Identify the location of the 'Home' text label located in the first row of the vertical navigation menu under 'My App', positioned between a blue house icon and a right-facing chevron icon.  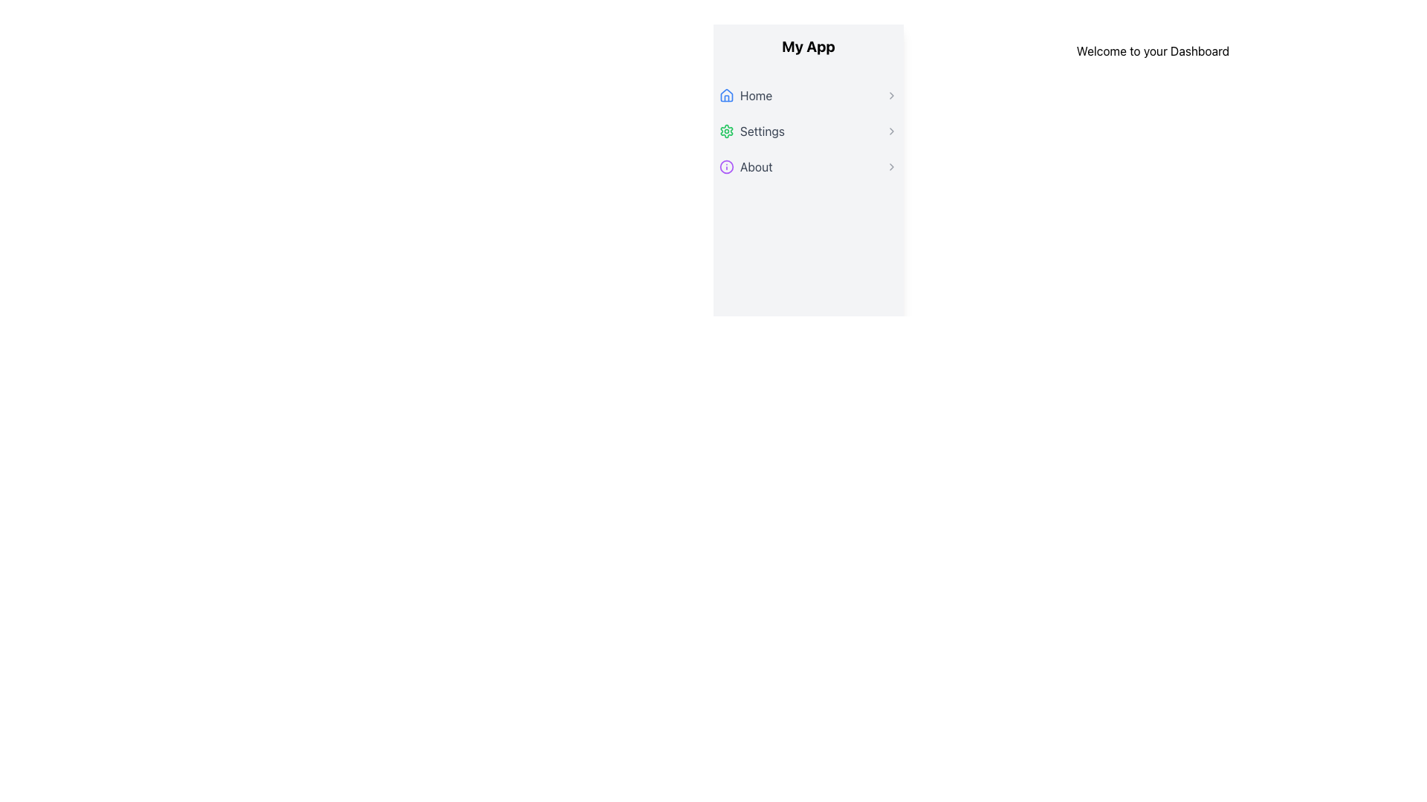
(756, 95).